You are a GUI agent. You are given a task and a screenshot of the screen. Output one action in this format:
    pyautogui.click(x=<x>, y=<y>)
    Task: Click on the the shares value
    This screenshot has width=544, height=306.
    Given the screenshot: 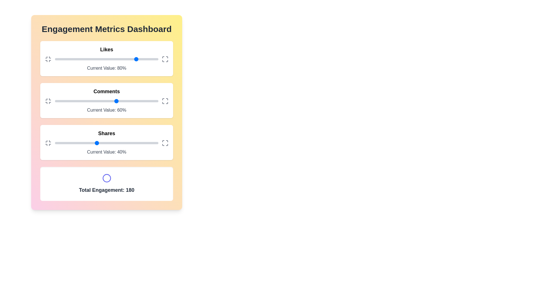 What is the action you would take?
    pyautogui.click(x=142, y=143)
    